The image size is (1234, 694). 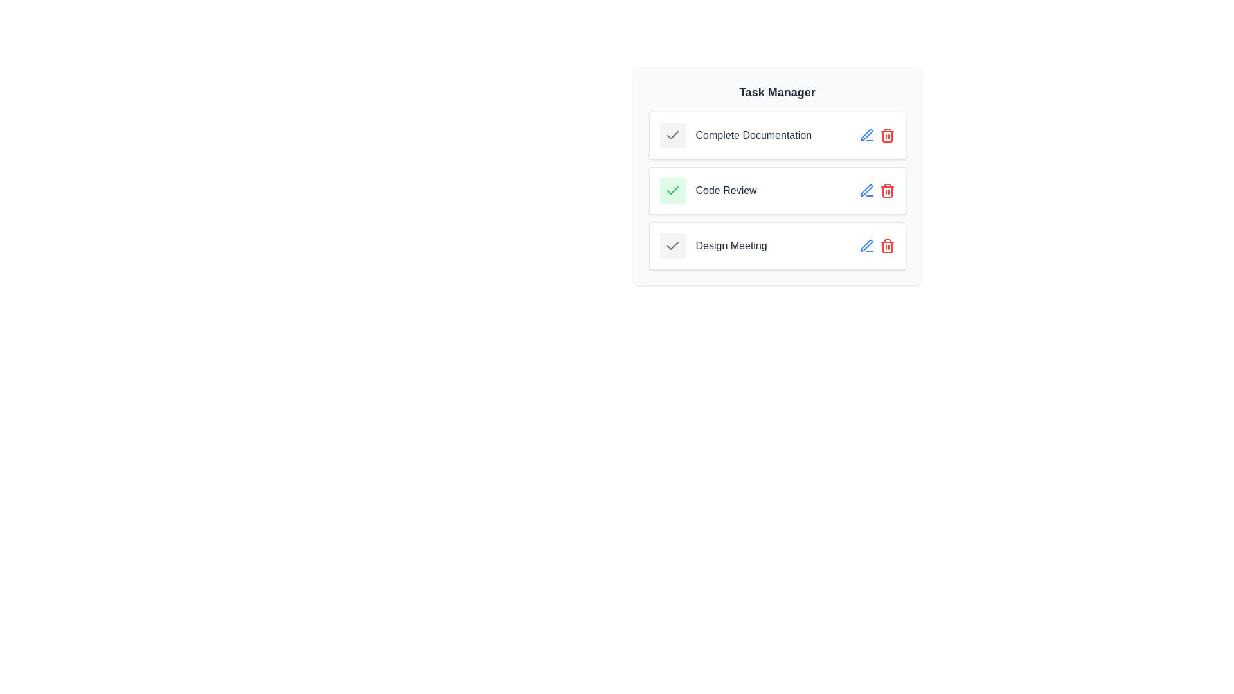 I want to click on the minimalist checkmark icon located to the right of the 'Code Review' task item to mark the task as complete, so click(x=672, y=245).